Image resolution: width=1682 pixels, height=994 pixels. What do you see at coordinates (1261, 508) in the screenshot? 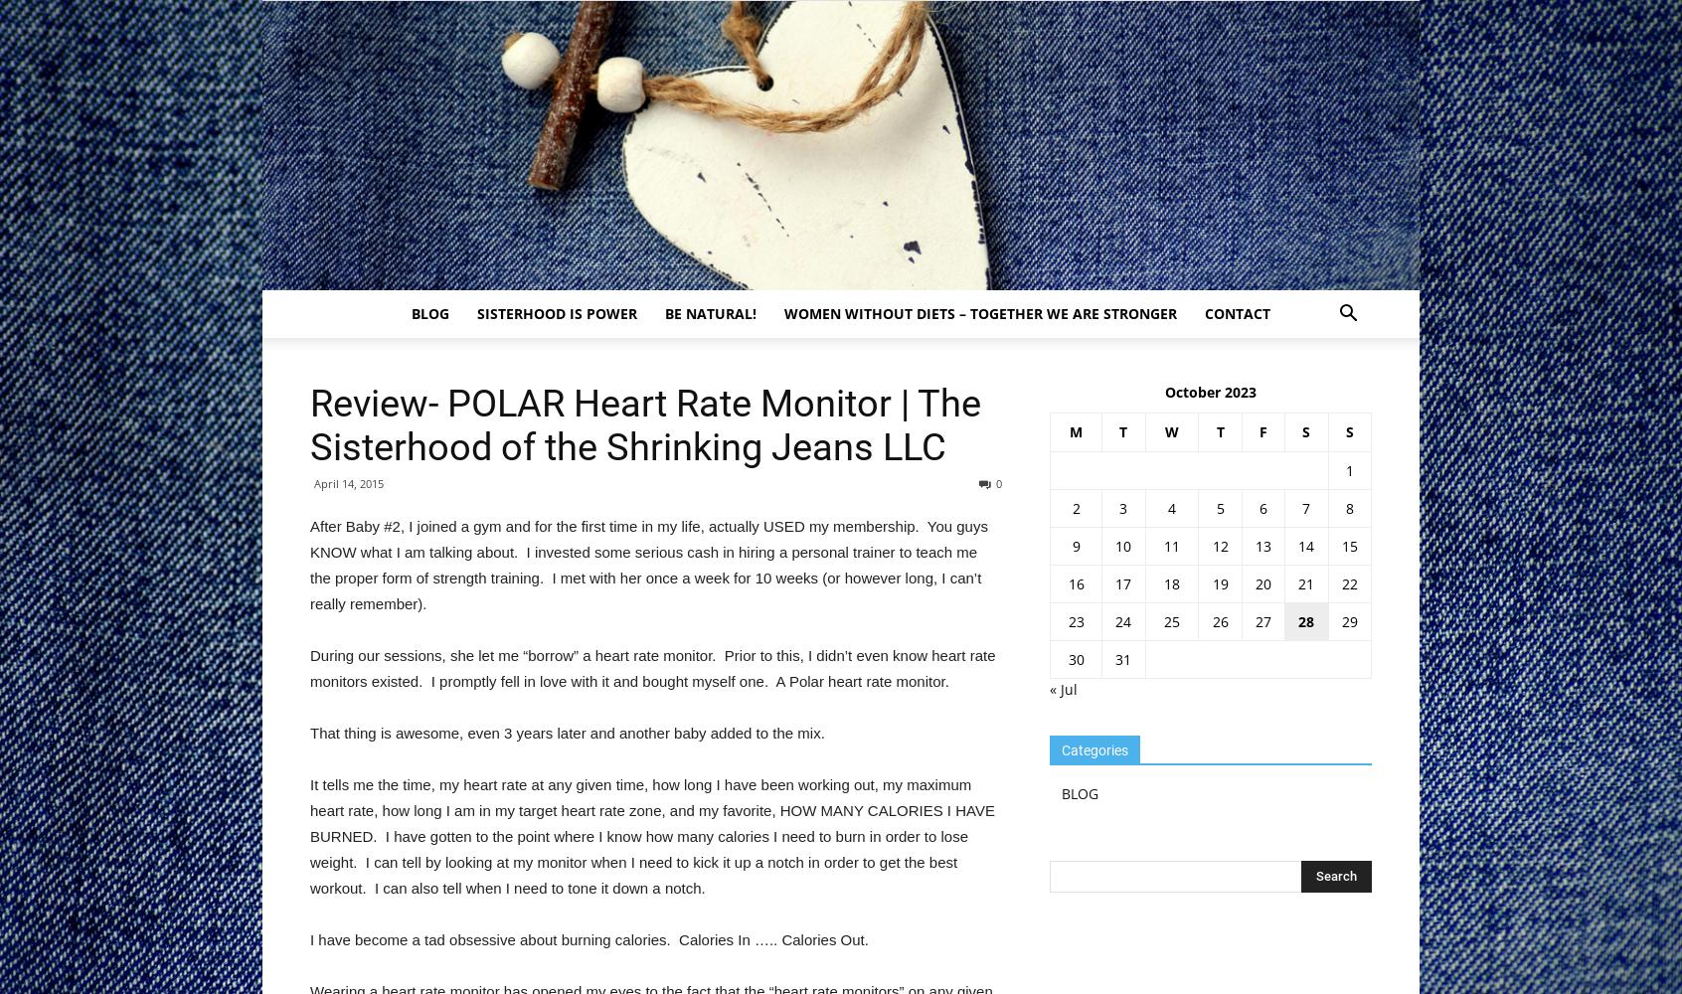
I see `'6'` at bounding box center [1261, 508].